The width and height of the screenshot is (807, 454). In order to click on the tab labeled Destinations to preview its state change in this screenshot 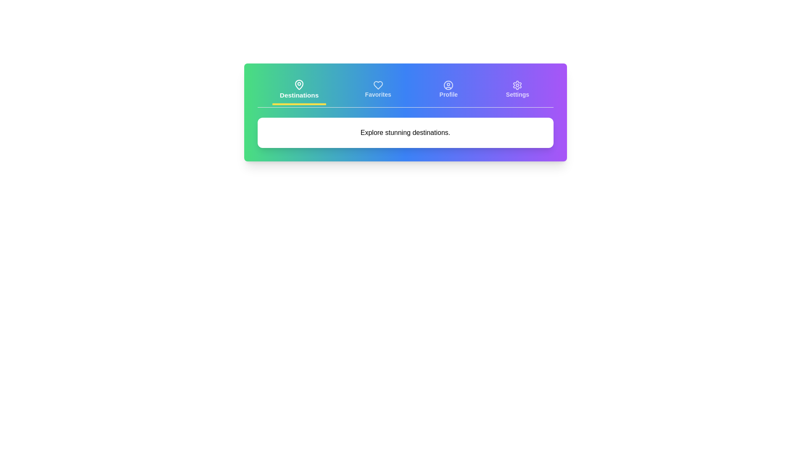, I will do `click(299, 90)`.